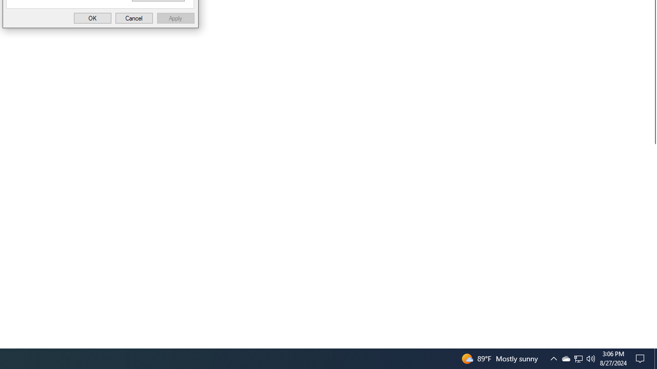 Image resolution: width=657 pixels, height=369 pixels. I want to click on 'User Promoted Notification Area', so click(565, 358).